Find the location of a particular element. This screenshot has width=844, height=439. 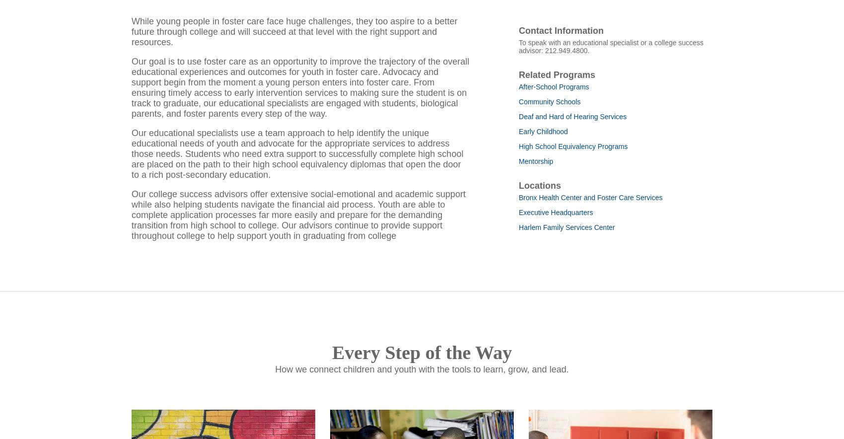

'Related Programs' is located at coordinates (557, 87).